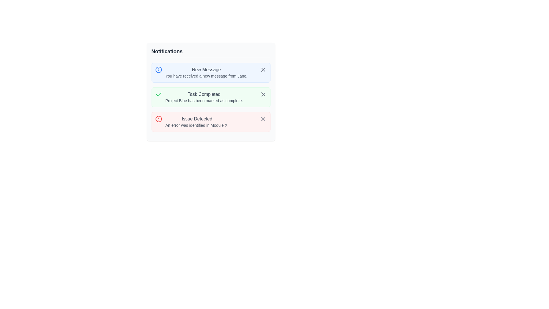  I want to click on the SVG Circle that serves as the background of the informational icon for the 'New Message' notification in the notification panel, so click(158, 69).